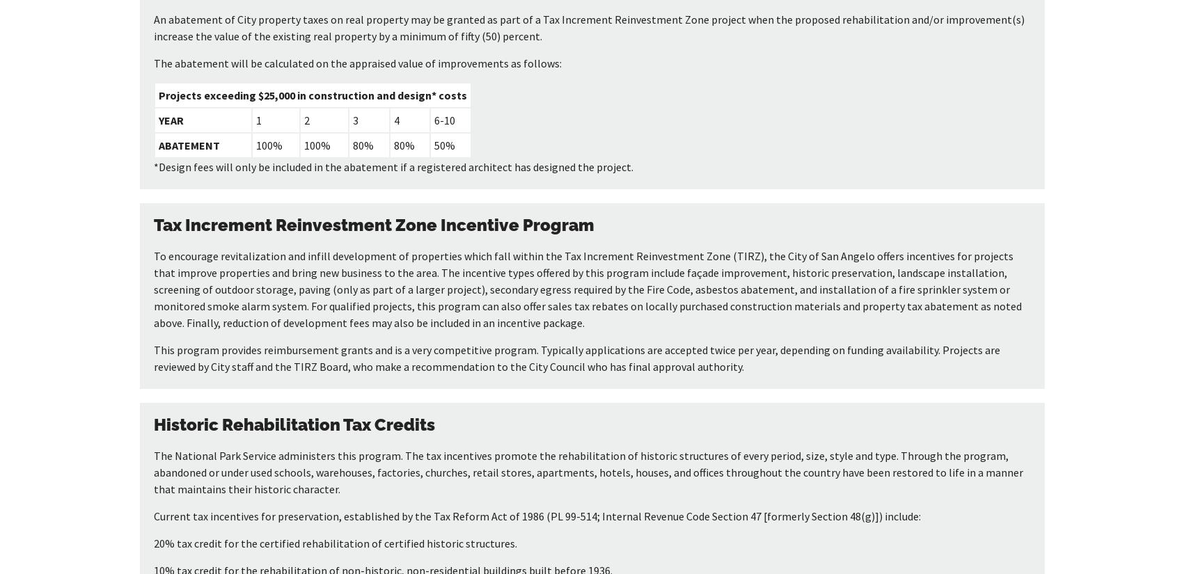  What do you see at coordinates (257, 120) in the screenshot?
I see `'1'` at bounding box center [257, 120].